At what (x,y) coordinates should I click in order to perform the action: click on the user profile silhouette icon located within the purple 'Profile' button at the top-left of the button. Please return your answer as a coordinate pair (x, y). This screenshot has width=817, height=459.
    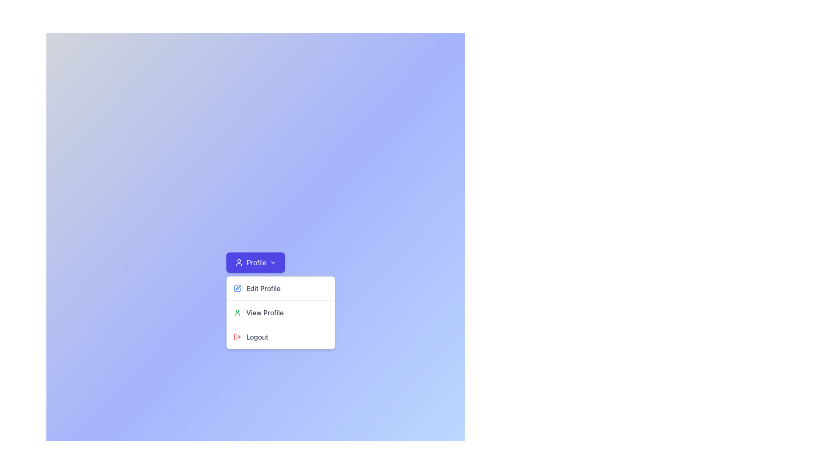
    Looking at the image, I should click on (238, 262).